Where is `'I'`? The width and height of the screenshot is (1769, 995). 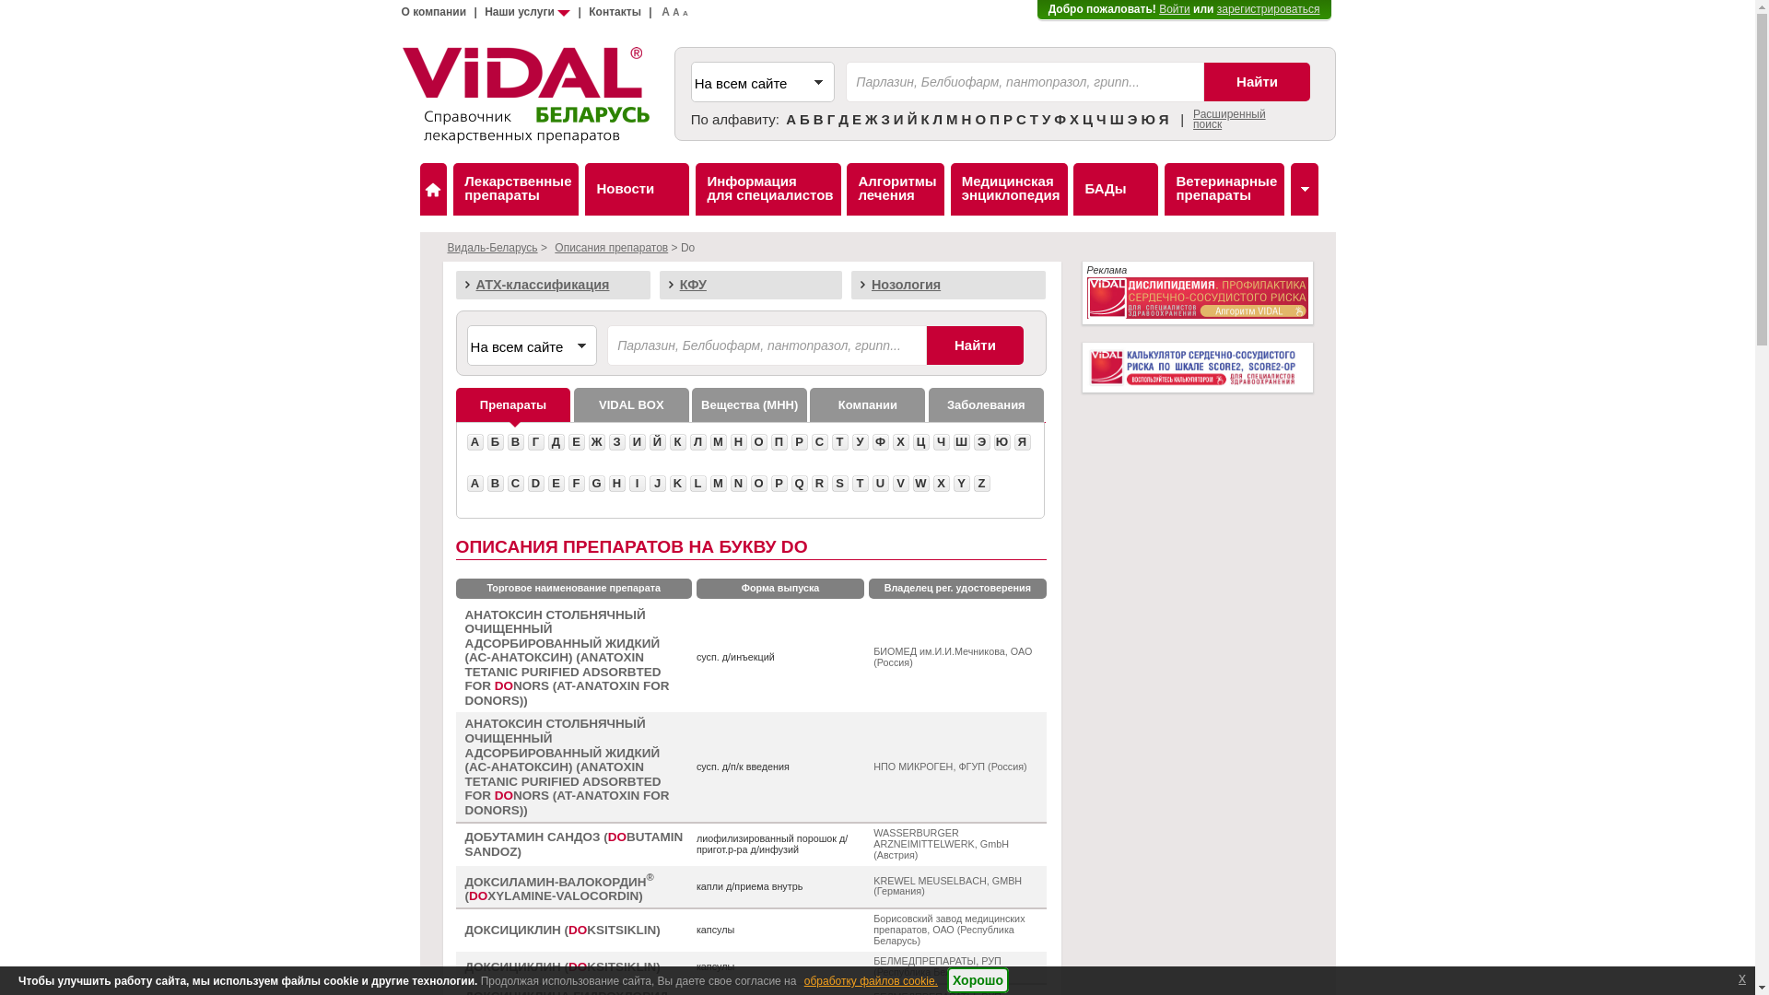 'I' is located at coordinates (637, 482).